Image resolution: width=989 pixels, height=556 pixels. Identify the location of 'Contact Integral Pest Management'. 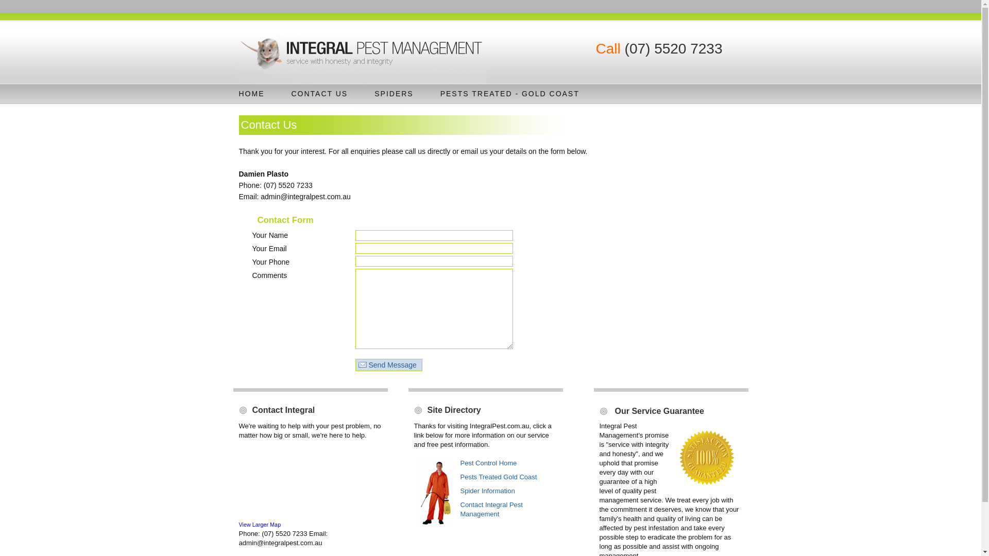
(491, 509).